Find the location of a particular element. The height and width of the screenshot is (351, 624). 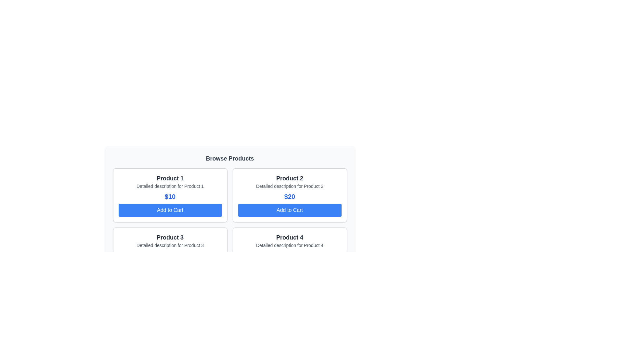

the text '$20' displayed in blue, bold, and extra-large font, part of the 'Product 2' card is located at coordinates (289, 196).